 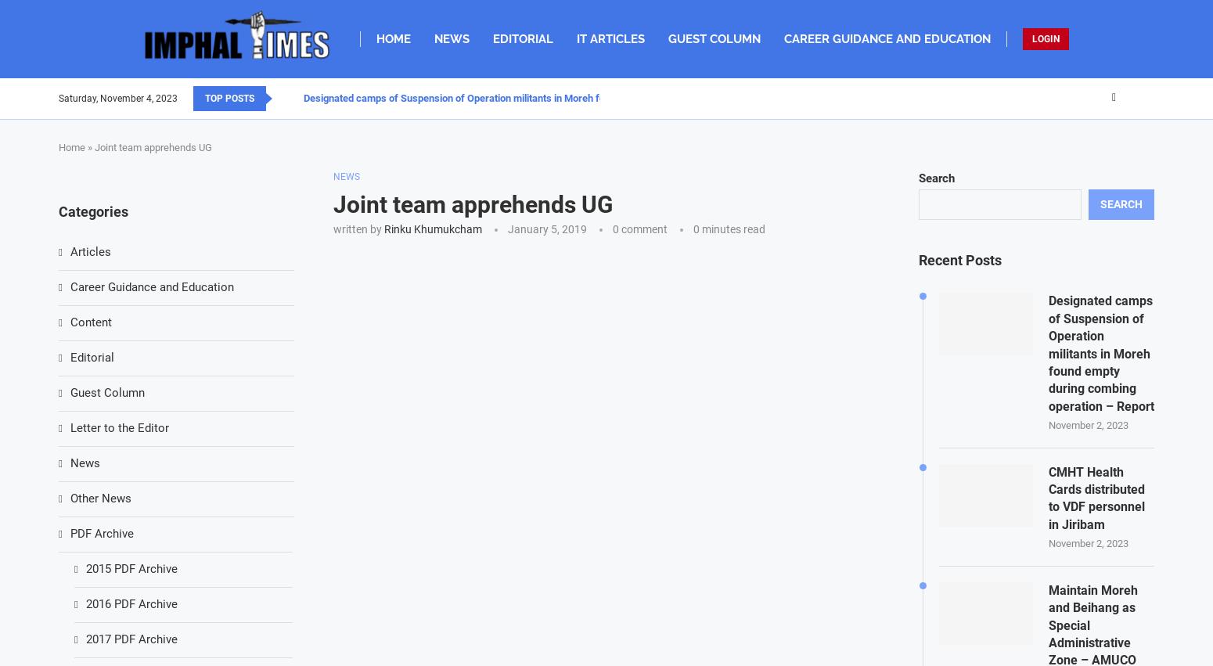 What do you see at coordinates (130, 639) in the screenshot?
I see `'2017 PDF Archive'` at bounding box center [130, 639].